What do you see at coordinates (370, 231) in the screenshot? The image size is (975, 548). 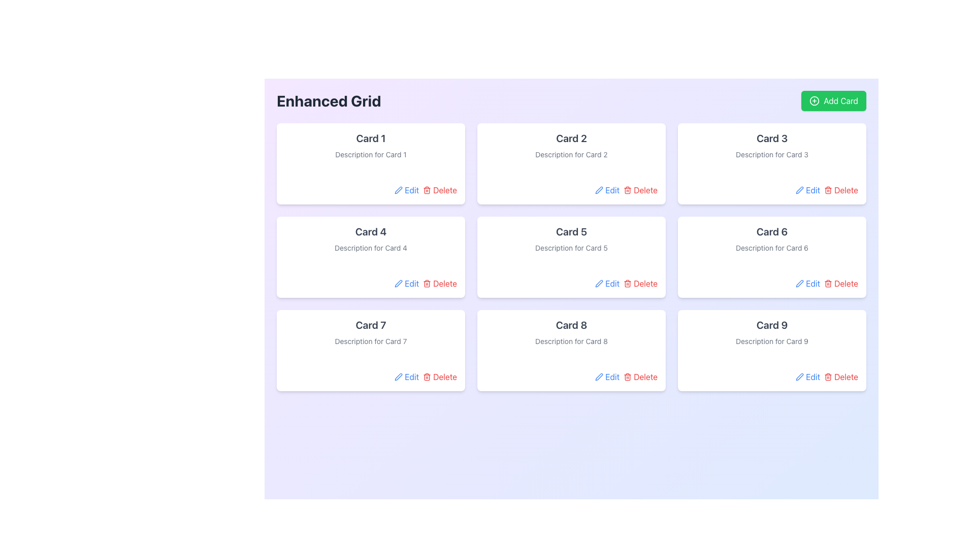 I see `text of the heading 'Card 4' which is styled in bold and located above the related content in the first column of the middle row of the grid` at bounding box center [370, 231].